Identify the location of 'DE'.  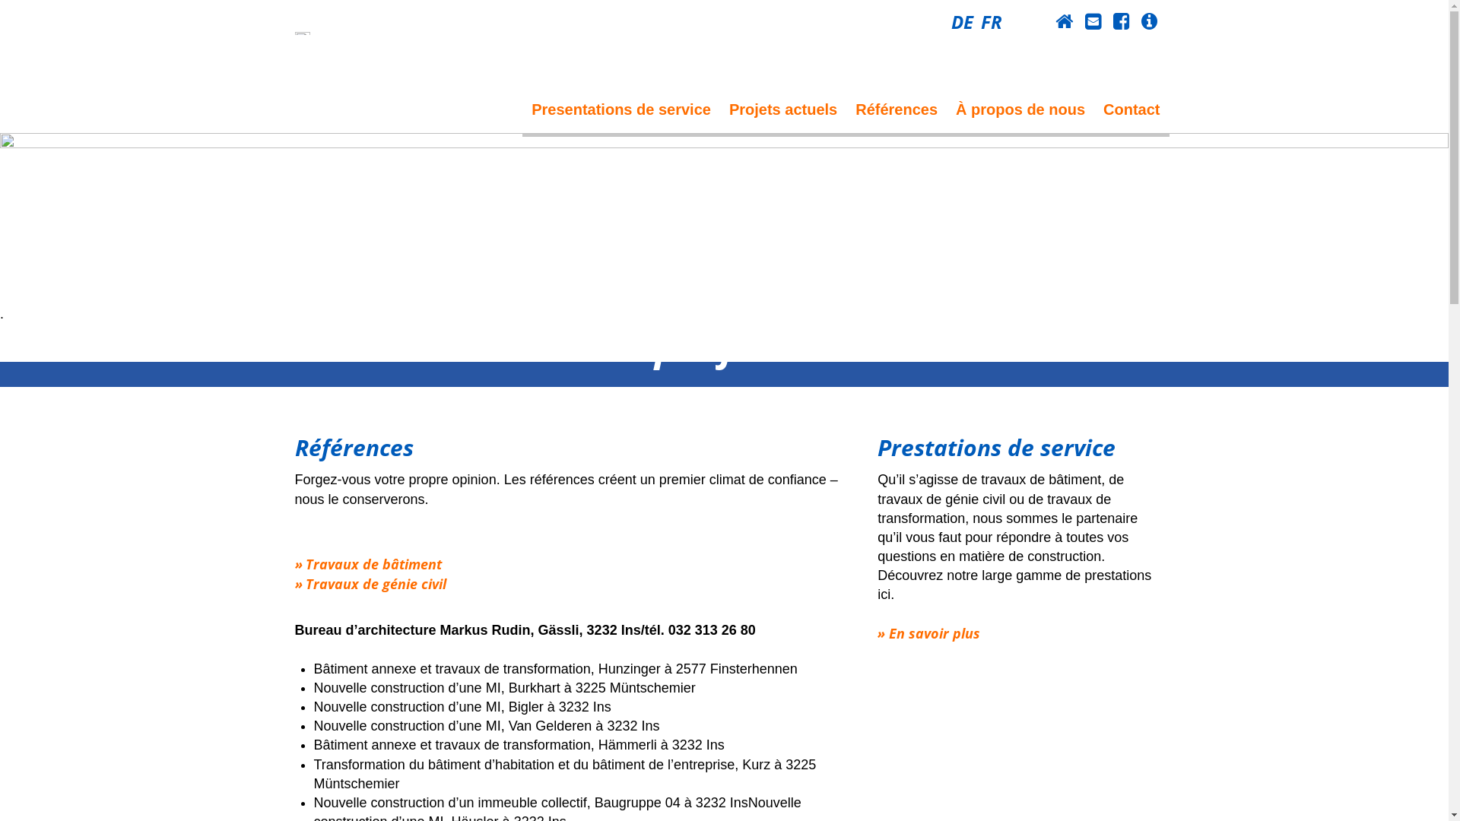
(960, 21).